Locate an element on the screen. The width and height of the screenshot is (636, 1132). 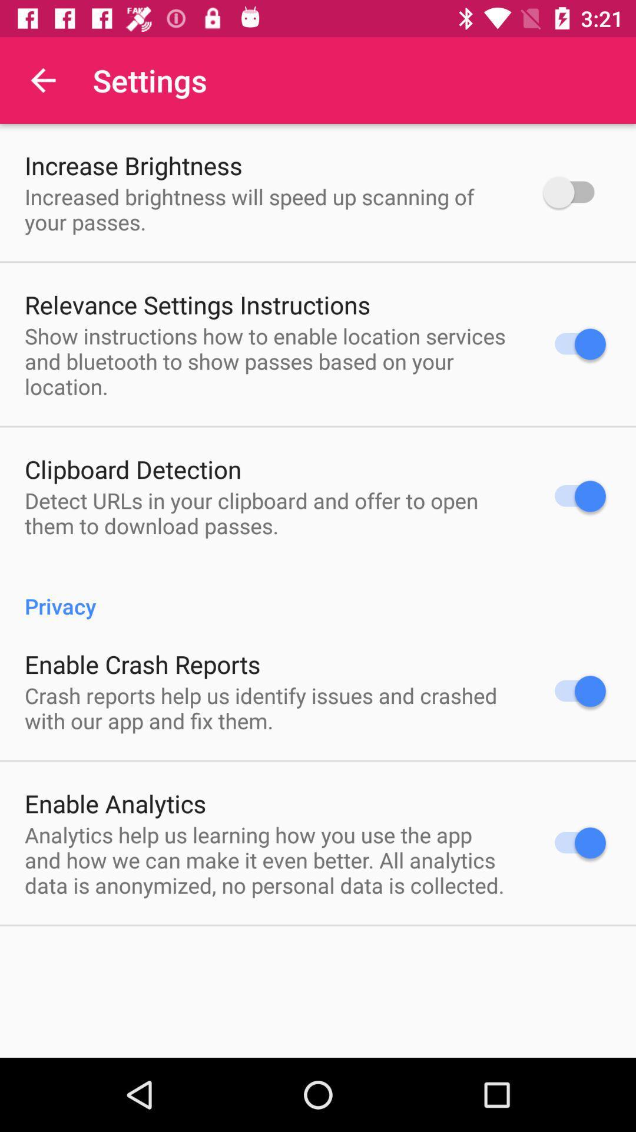
relevance settings instructions icon is located at coordinates (197, 304).